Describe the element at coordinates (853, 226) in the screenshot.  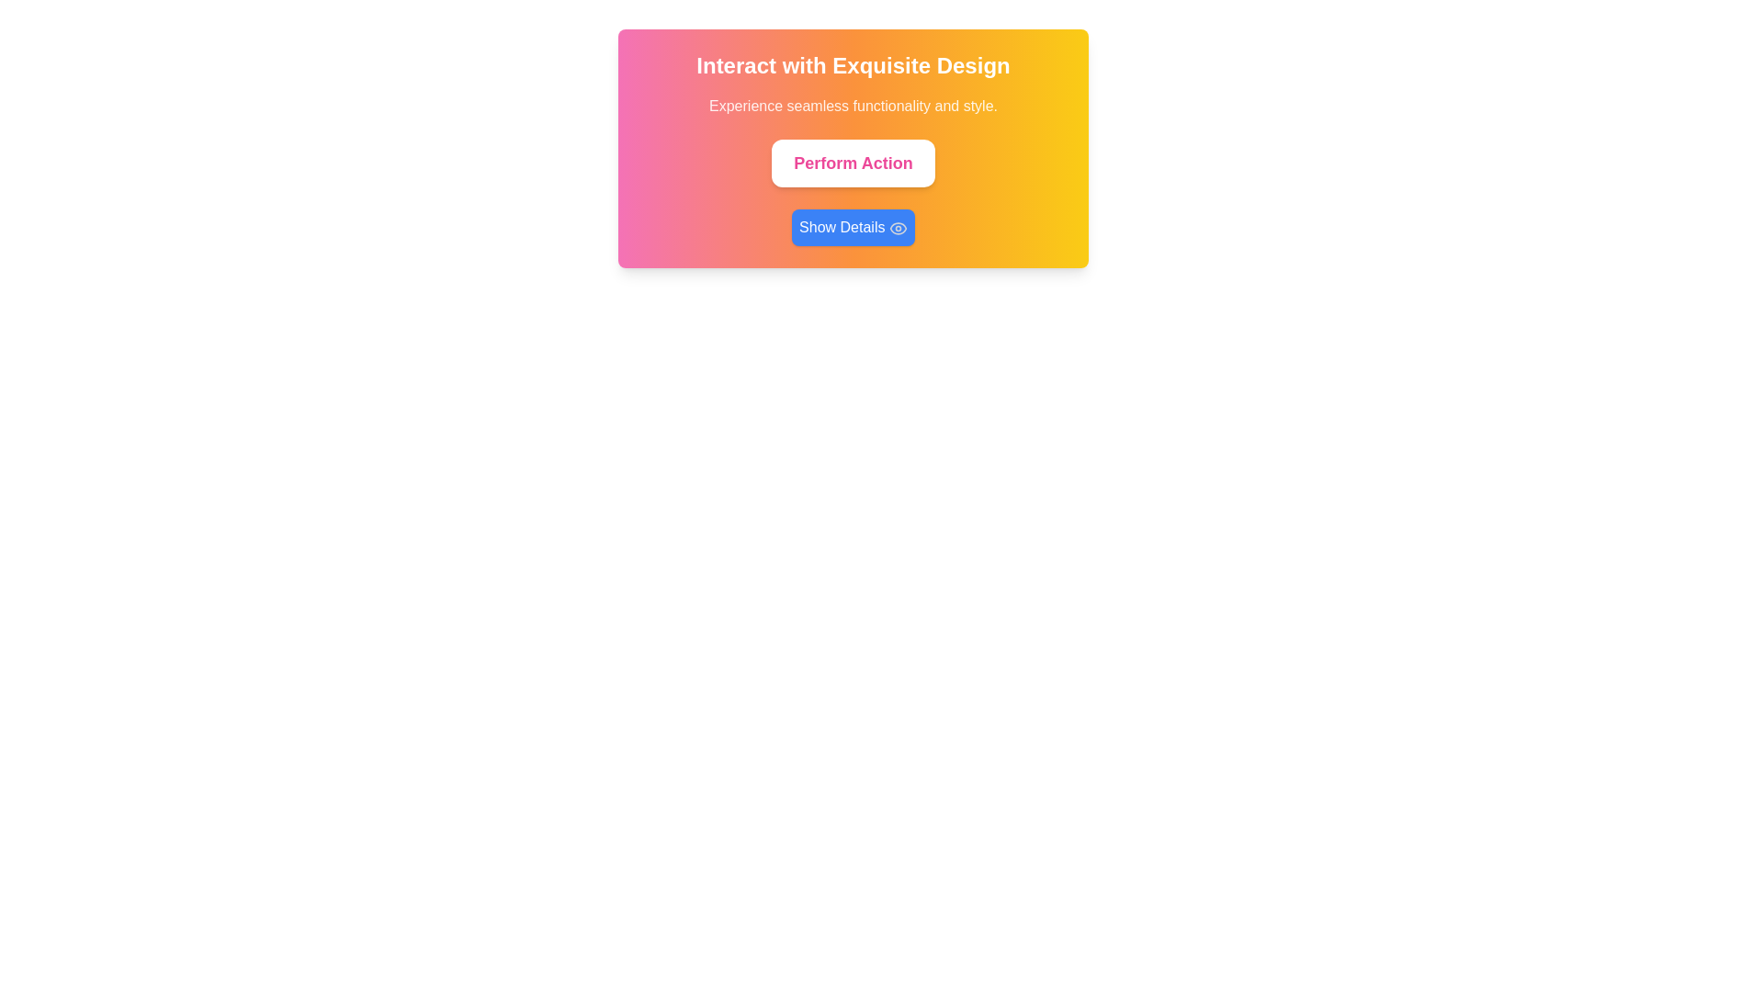
I see `the button located below the 'Perform Action' button` at that location.